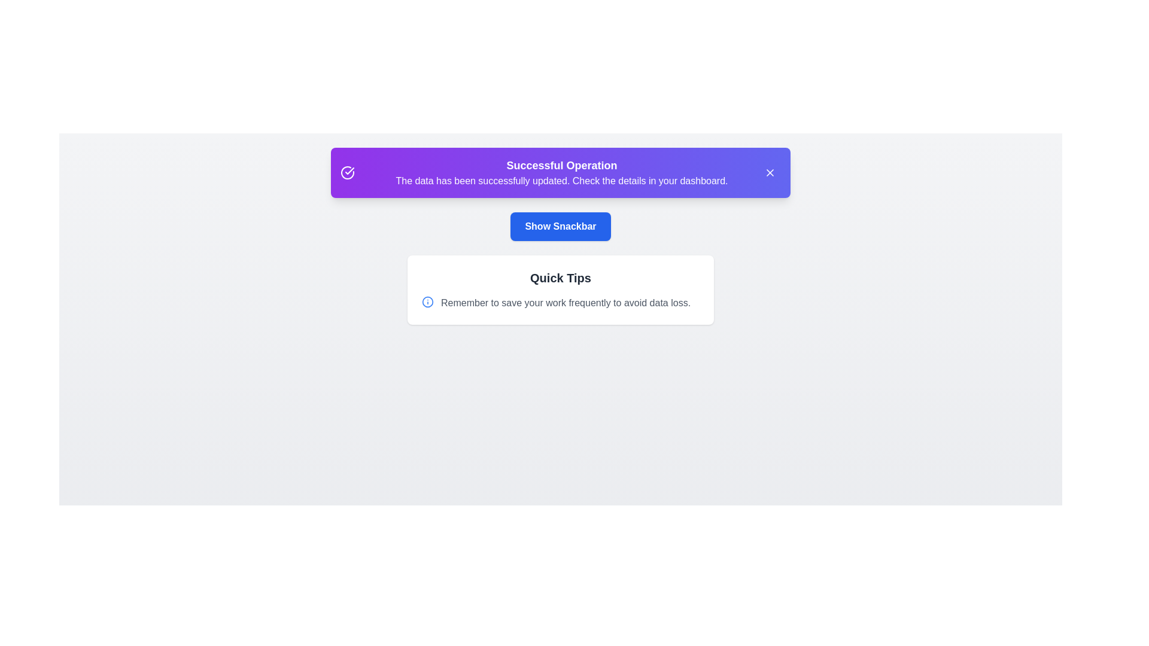  What do you see at coordinates (560, 226) in the screenshot?
I see `'Show Snackbar' button to toggle the snackbar visibility` at bounding box center [560, 226].